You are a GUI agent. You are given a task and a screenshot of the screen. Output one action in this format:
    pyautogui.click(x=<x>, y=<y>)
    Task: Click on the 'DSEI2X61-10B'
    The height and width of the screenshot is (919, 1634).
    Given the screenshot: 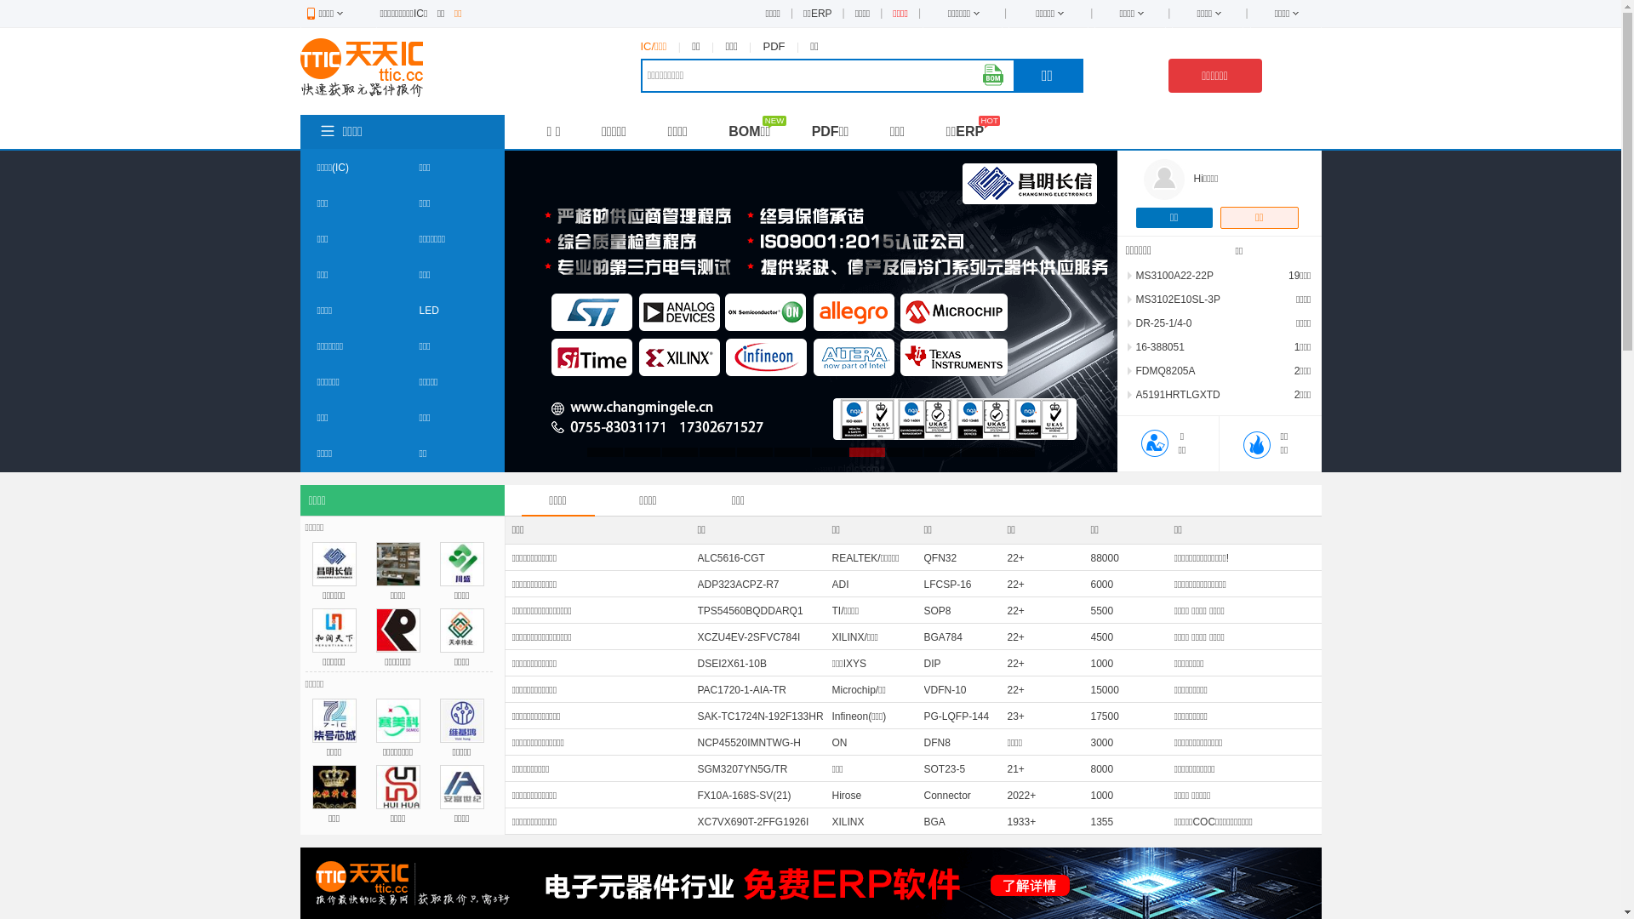 What is the action you would take?
    pyautogui.click(x=732, y=662)
    